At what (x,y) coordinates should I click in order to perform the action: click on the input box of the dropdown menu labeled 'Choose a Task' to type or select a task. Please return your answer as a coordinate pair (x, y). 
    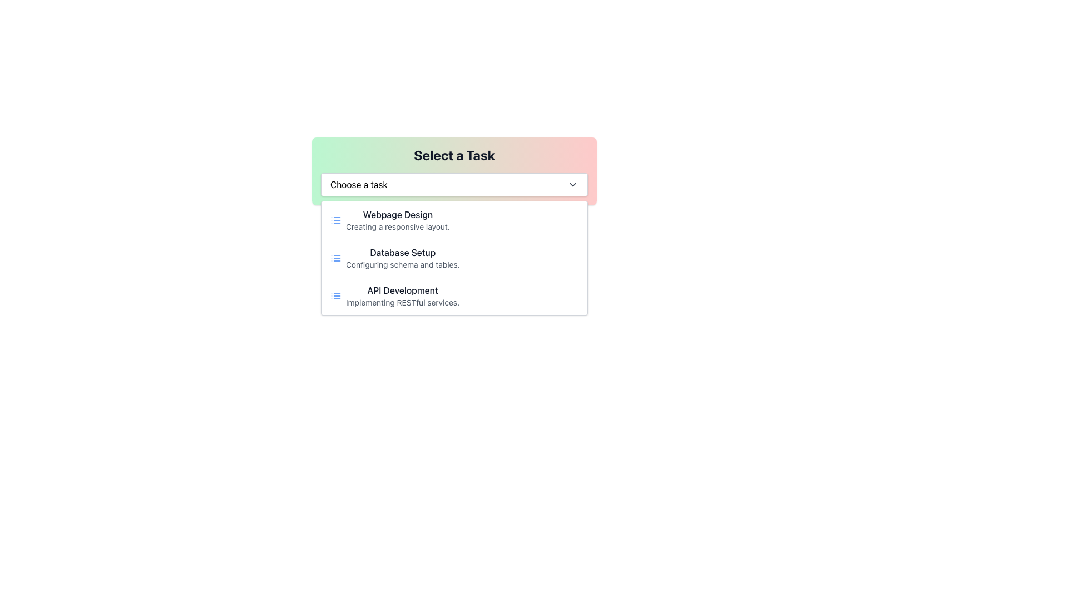
    Looking at the image, I should click on (454, 171).